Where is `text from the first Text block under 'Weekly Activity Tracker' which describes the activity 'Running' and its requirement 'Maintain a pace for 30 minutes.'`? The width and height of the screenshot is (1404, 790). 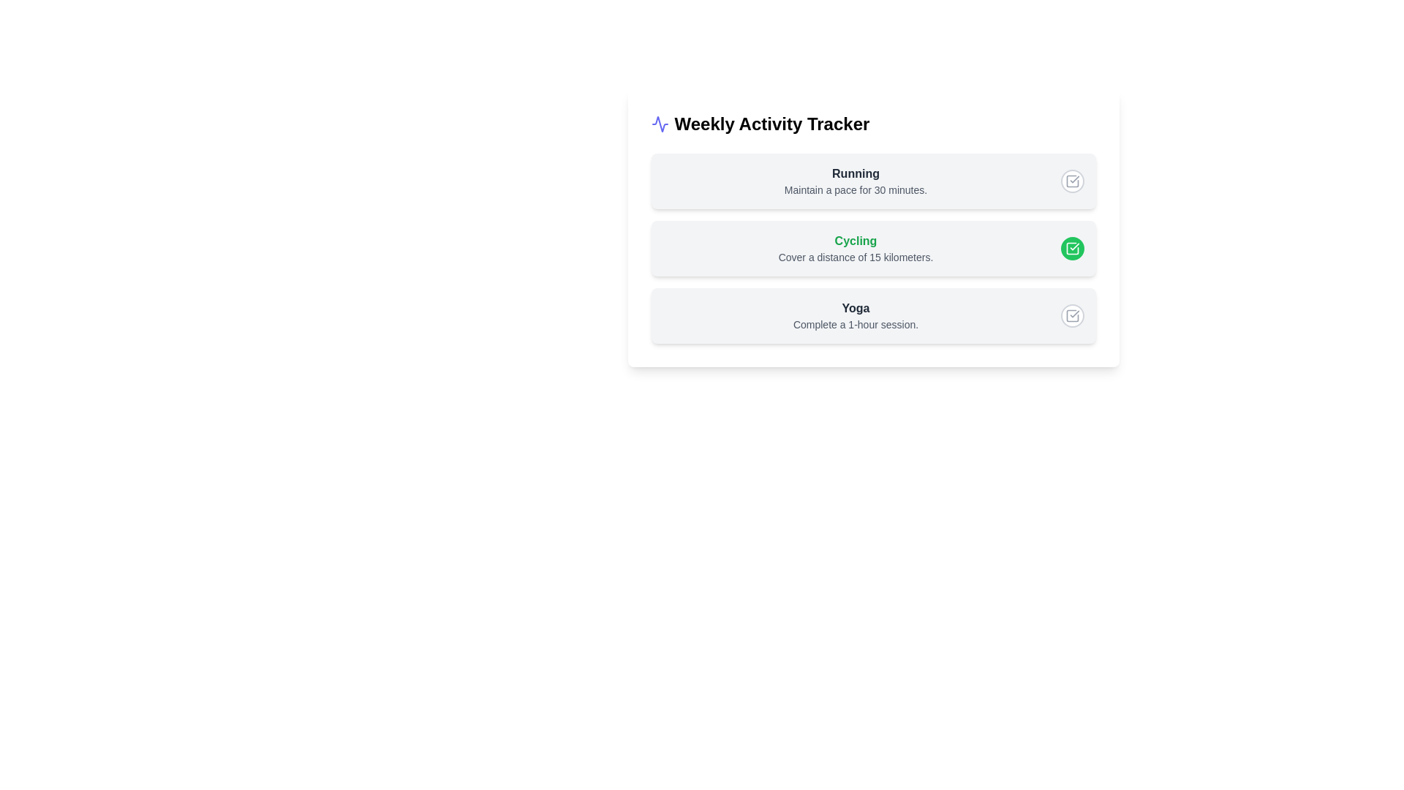
text from the first Text block under 'Weekly Activity Tracker' which describes the activity 'Running' and its requirement 'Maintain a pace for 30 minutes.' is located at coordinates (856, 180).